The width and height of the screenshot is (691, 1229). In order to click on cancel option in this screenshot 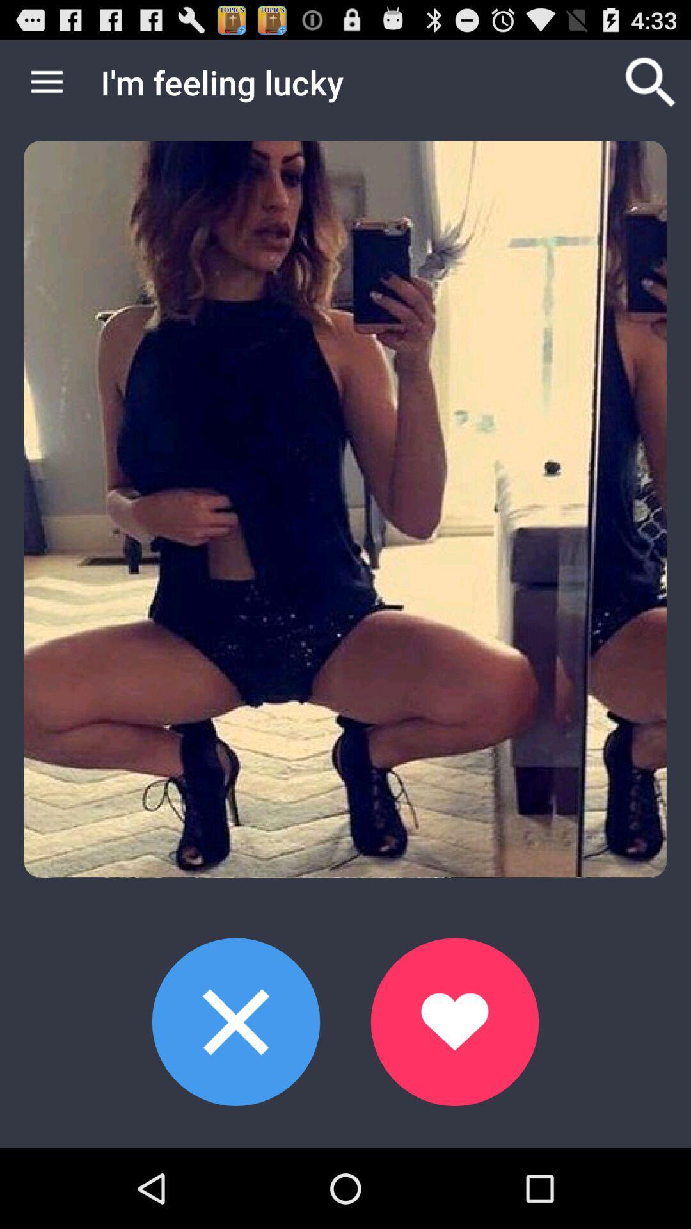, I will do `click(236, 1021)`.